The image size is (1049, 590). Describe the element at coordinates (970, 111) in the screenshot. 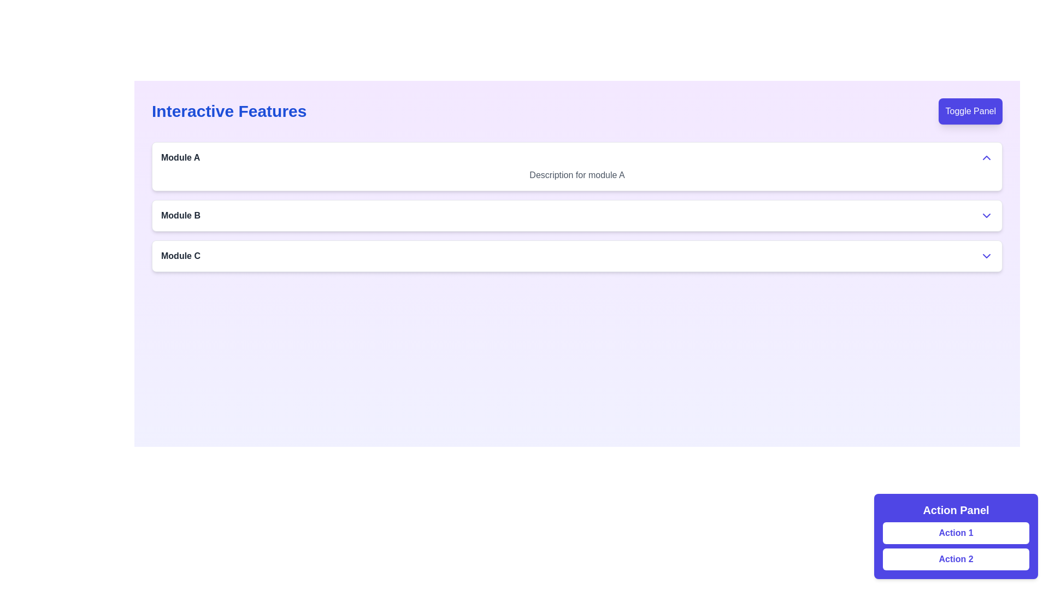

I see `the 'Toggle Panel' button, which has a purple background and white centered text` at that location.